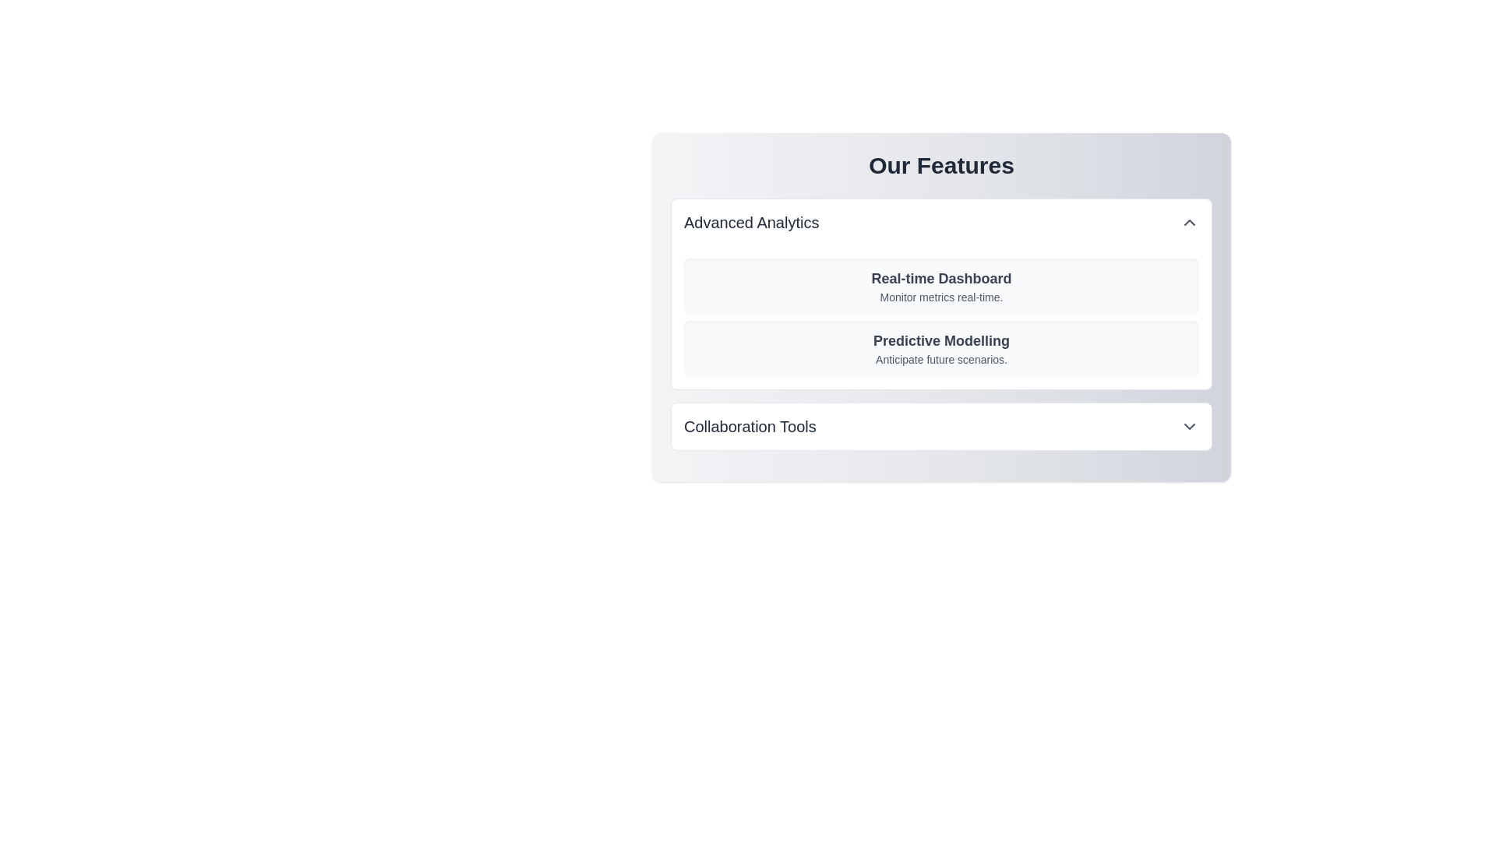 The height and width of the screenshot is (841, 1496). Describe the element at coordinates (940, 426) in the screenshot. I see `the interactive button for 'Collaboration Tools' located at the bottom of the 'Our Features' section` at that location.